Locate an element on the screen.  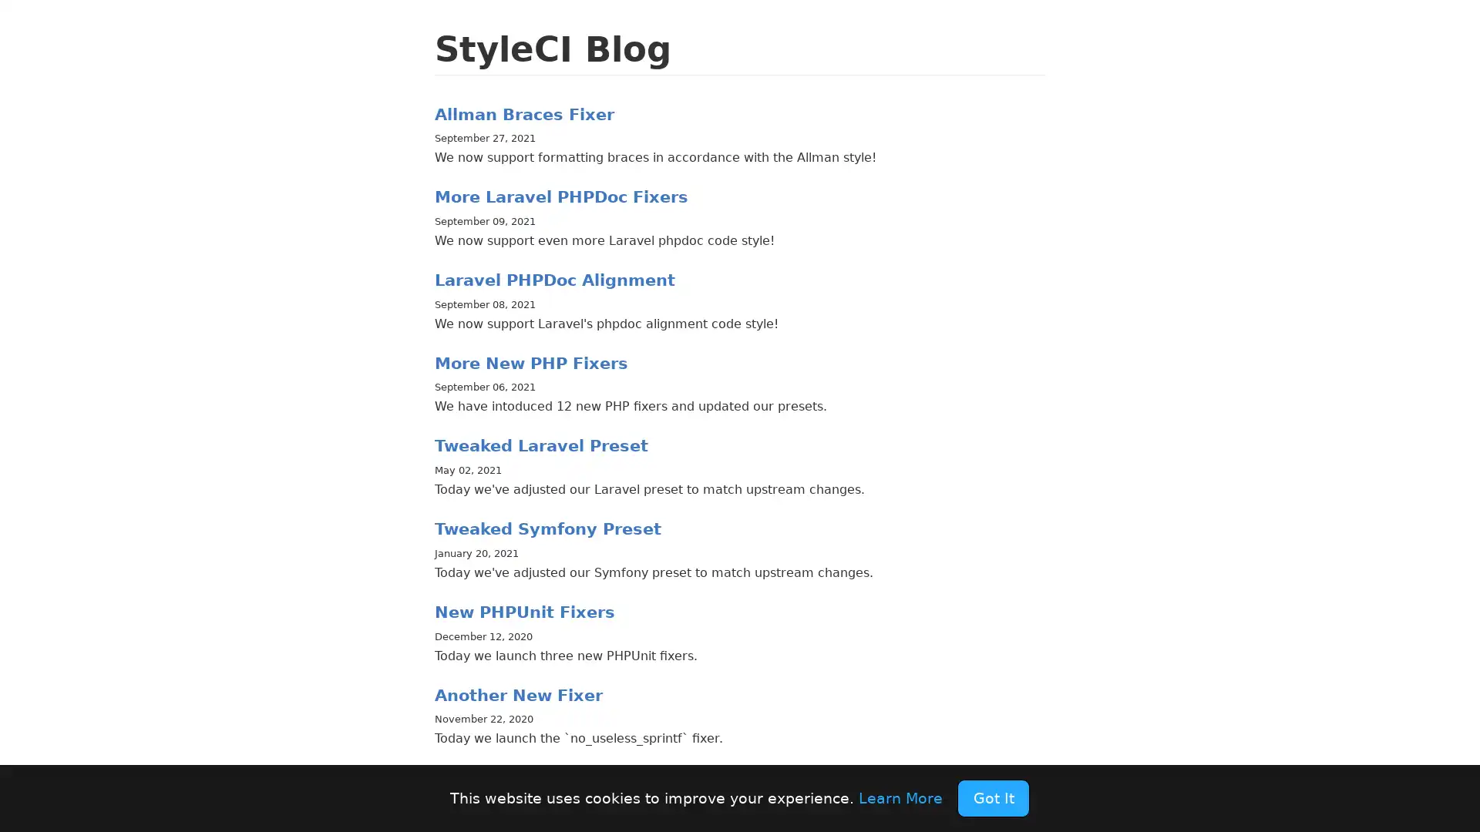
Got It is located at coordinates (993, 797).